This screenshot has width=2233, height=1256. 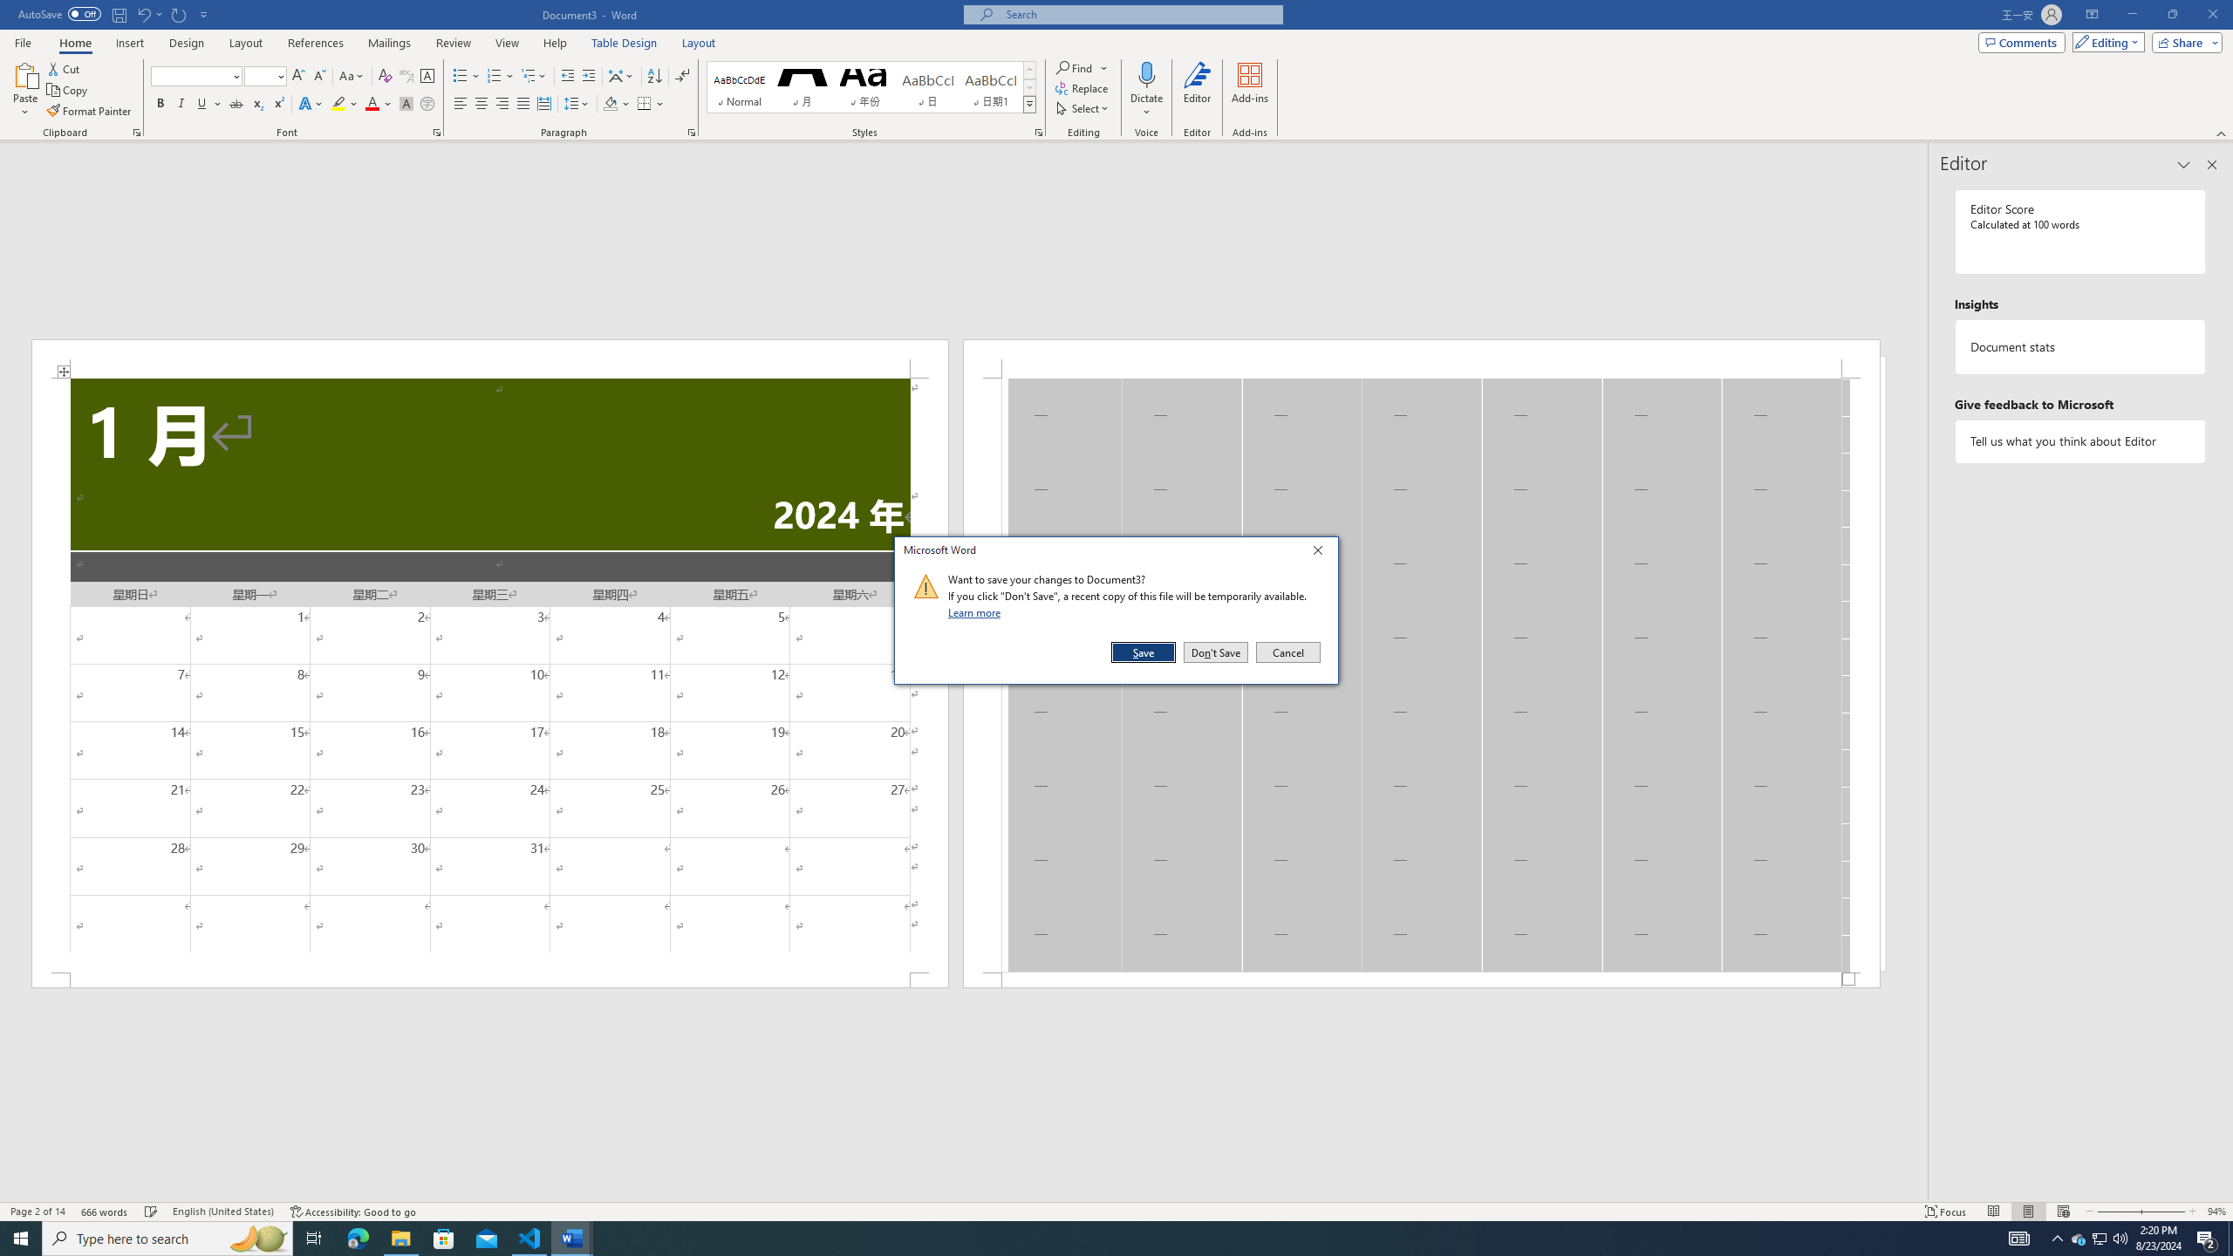 I want to click on 'Learn more', so click(x=977, y=611).